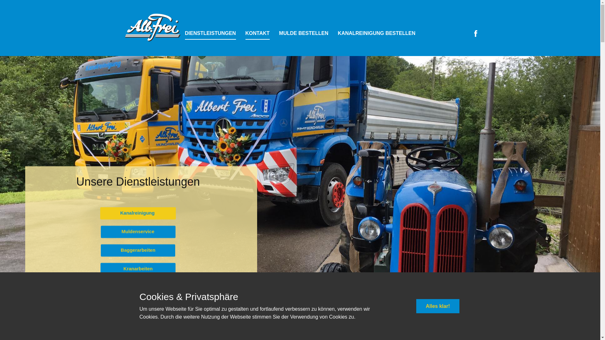 Image resolution: width=605 pixels, height=340 pixels. Describe the element at coordinates (210, 34) in the screenshot. I see `'DIENSTLEISTUNGEN'` at that location.